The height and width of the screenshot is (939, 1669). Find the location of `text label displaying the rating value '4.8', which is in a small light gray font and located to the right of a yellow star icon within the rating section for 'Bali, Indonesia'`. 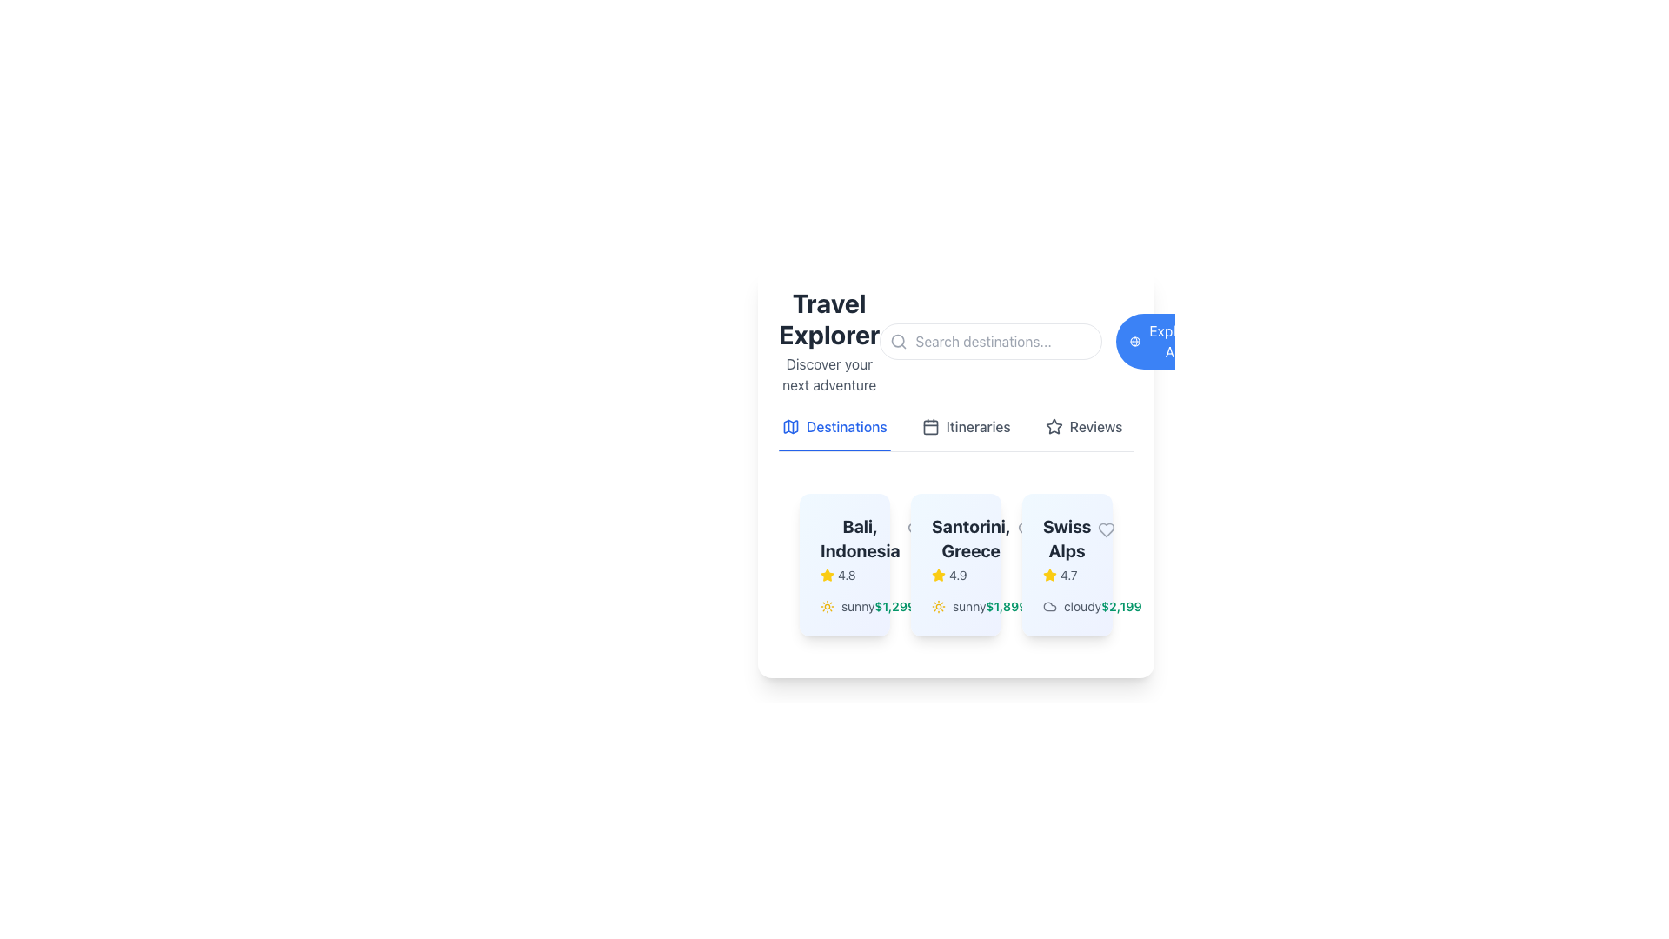

text label displaying the rating value '4.8', which is in a small light gray font and located to the right of a yellow star icon within the rating section for 'Bali, Indonesia' is located at coordinates (847, 576).